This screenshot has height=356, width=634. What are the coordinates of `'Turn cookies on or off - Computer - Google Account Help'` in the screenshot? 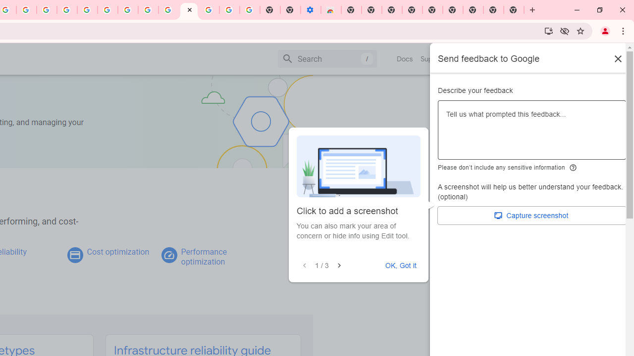 It's located at (250, 10).